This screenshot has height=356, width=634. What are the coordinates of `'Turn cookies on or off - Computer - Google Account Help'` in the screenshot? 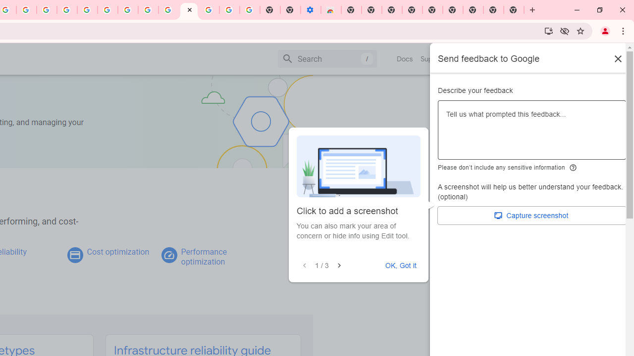 It's located at (250, 10).